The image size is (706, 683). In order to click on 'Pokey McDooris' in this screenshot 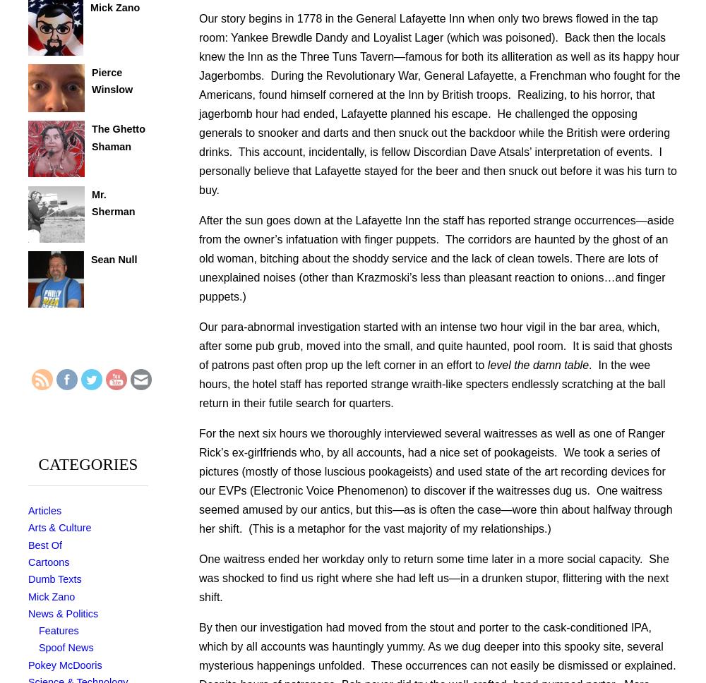, I will do `click(64, 663)`.